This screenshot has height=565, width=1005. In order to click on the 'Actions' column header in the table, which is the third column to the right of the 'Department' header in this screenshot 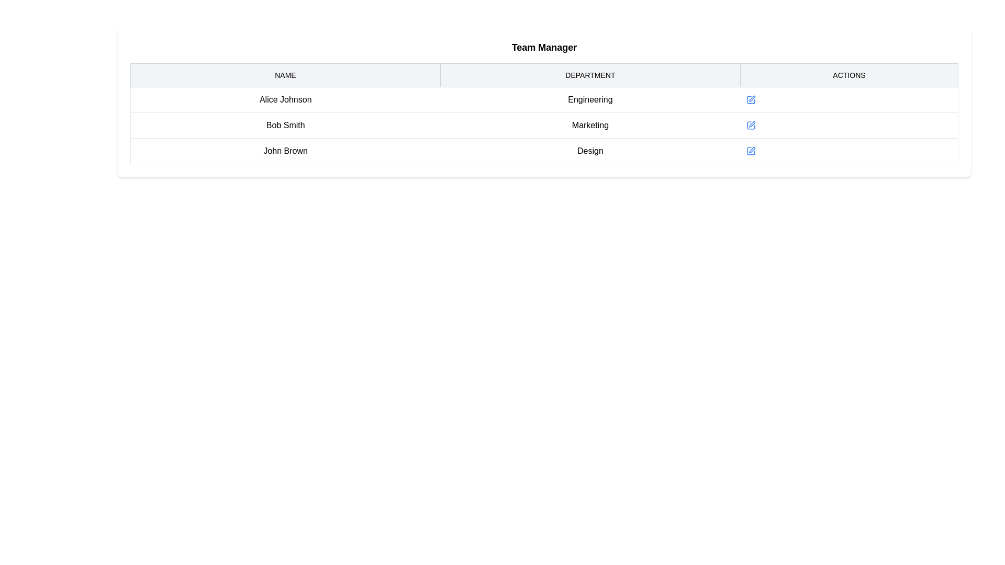, I will do `click(849, 74)`.